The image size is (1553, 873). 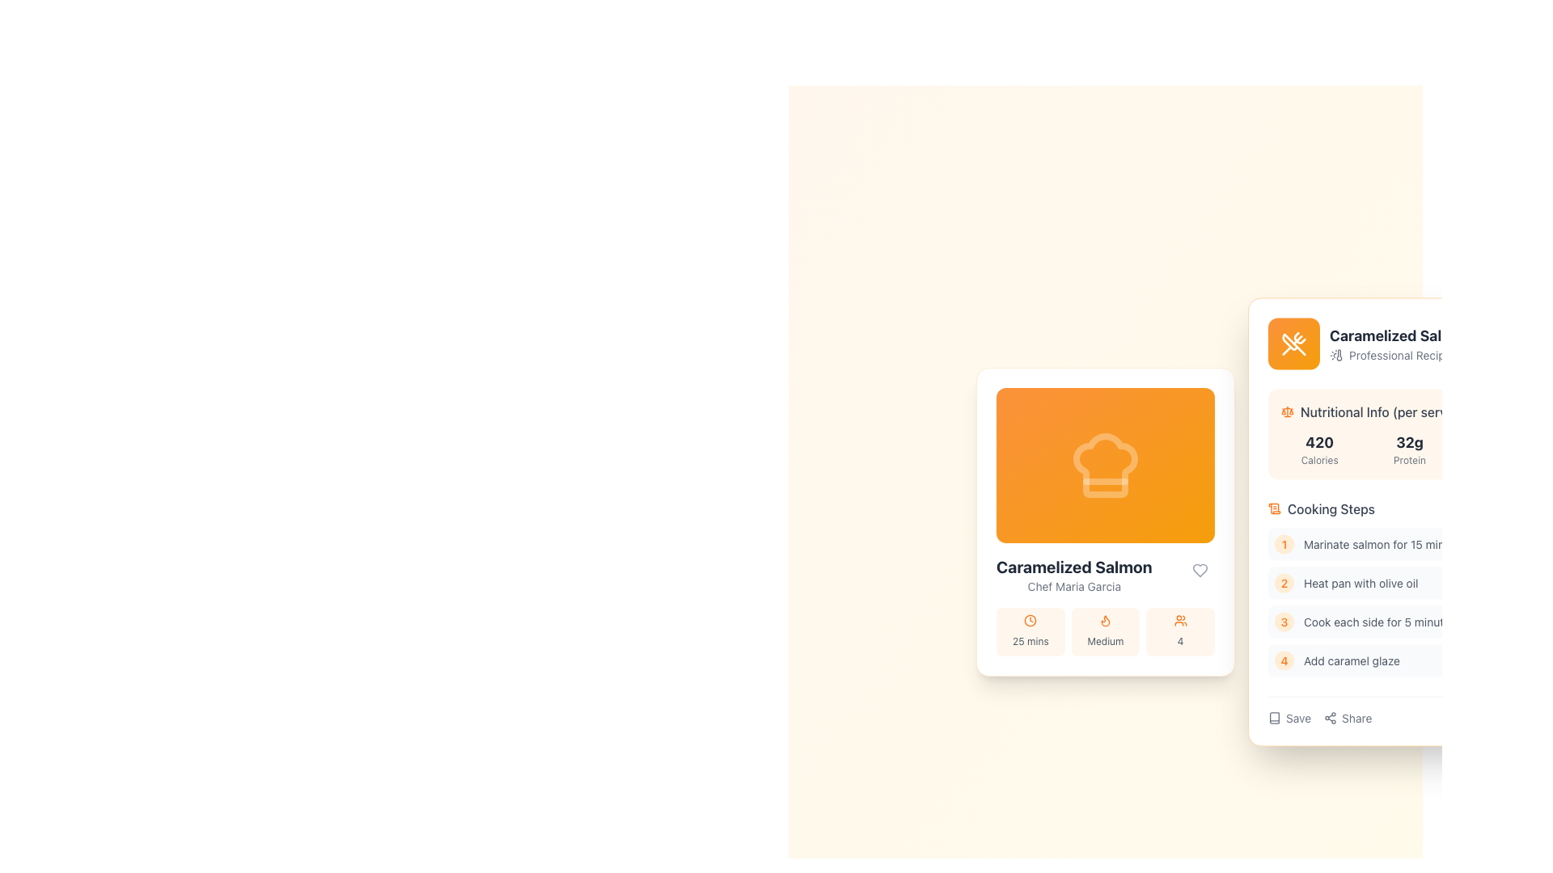 What do you see at coordinates (1180, 631) in the screenshot?
I see `the Informational badge that indicates the number of servings for the recipe, positioned to the right of '25 mins' and 'Medium' in the recipe card for 'Caramelized Salmon'` at bounding box center [1180, 631].